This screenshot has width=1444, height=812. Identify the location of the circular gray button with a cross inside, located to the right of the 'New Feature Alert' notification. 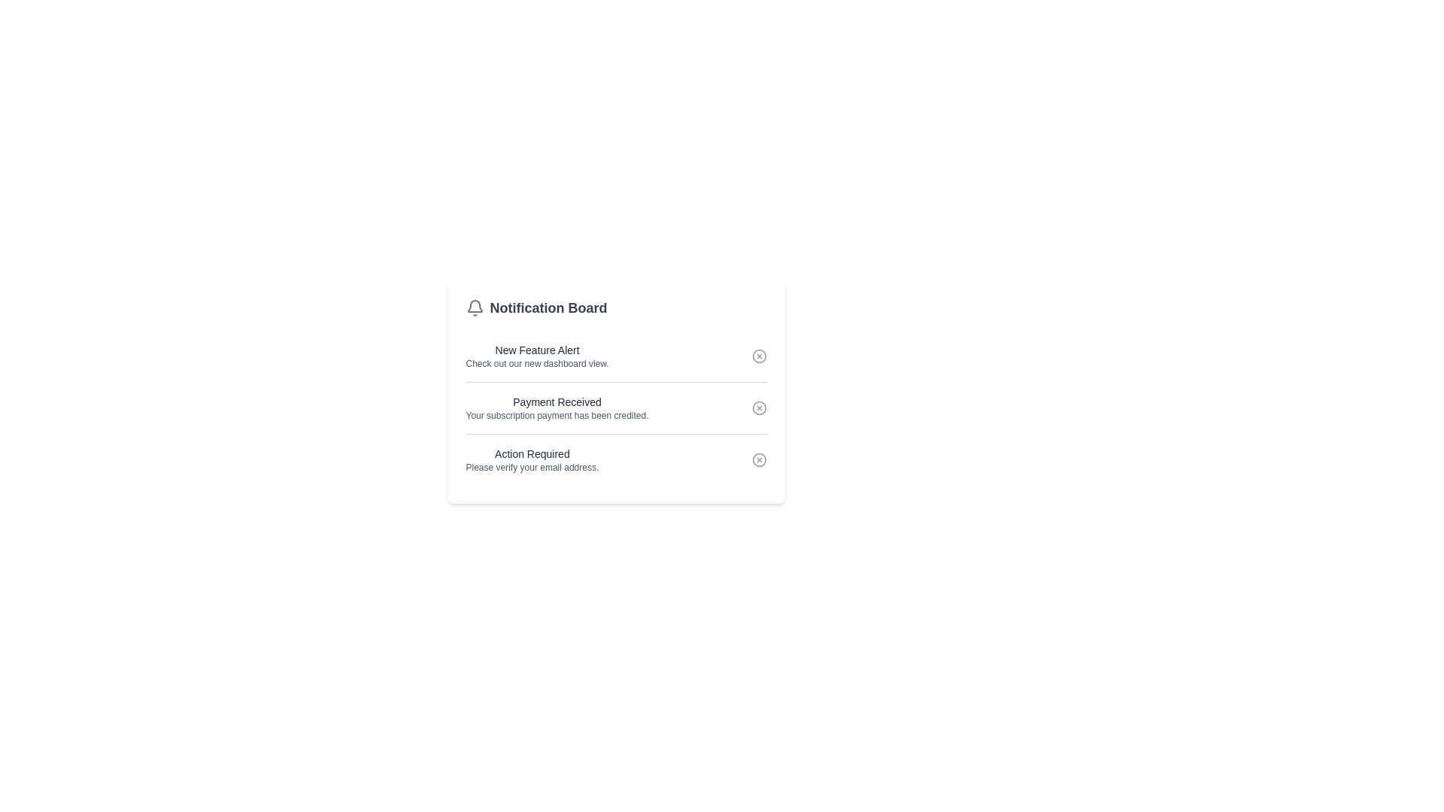
(759, 356).